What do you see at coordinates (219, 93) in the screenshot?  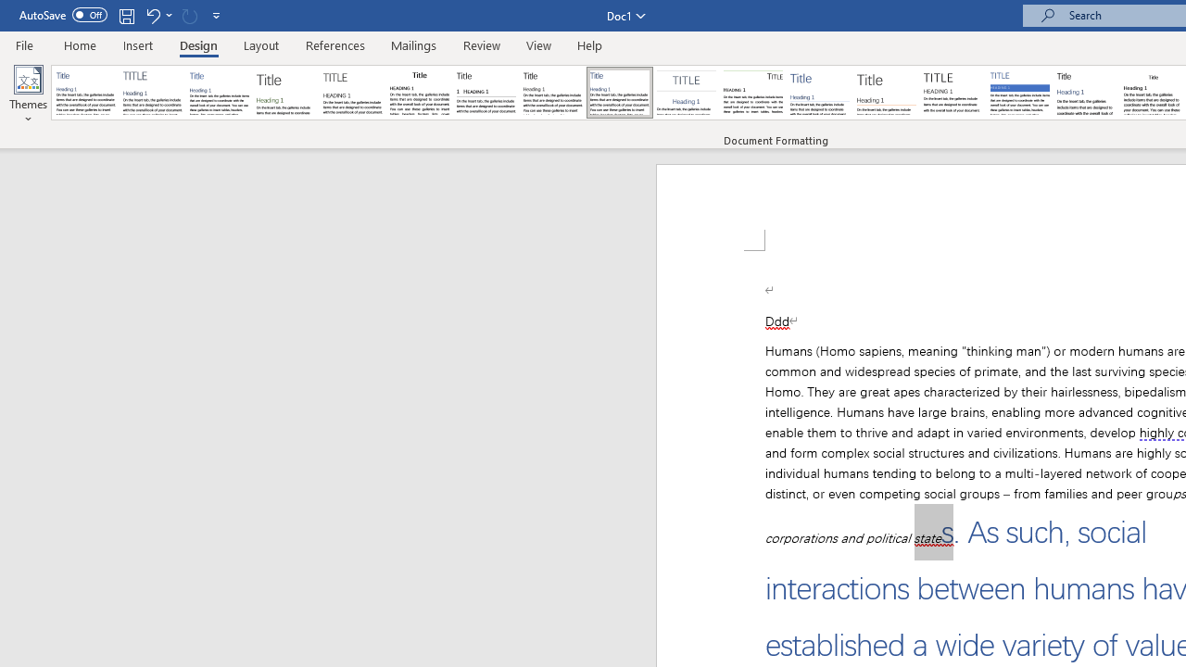 I see `'Basic (Simple)'` at bounding box center [219, 93].